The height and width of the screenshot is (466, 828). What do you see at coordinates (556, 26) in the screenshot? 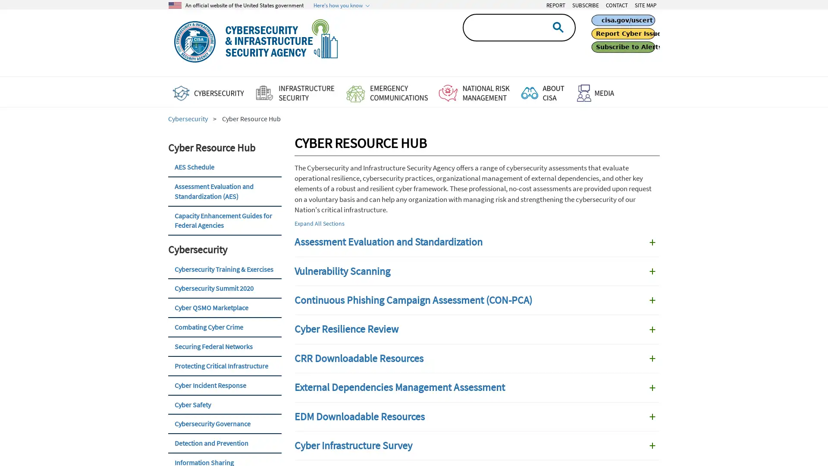
I see `search` at bounding box center [556, 26].